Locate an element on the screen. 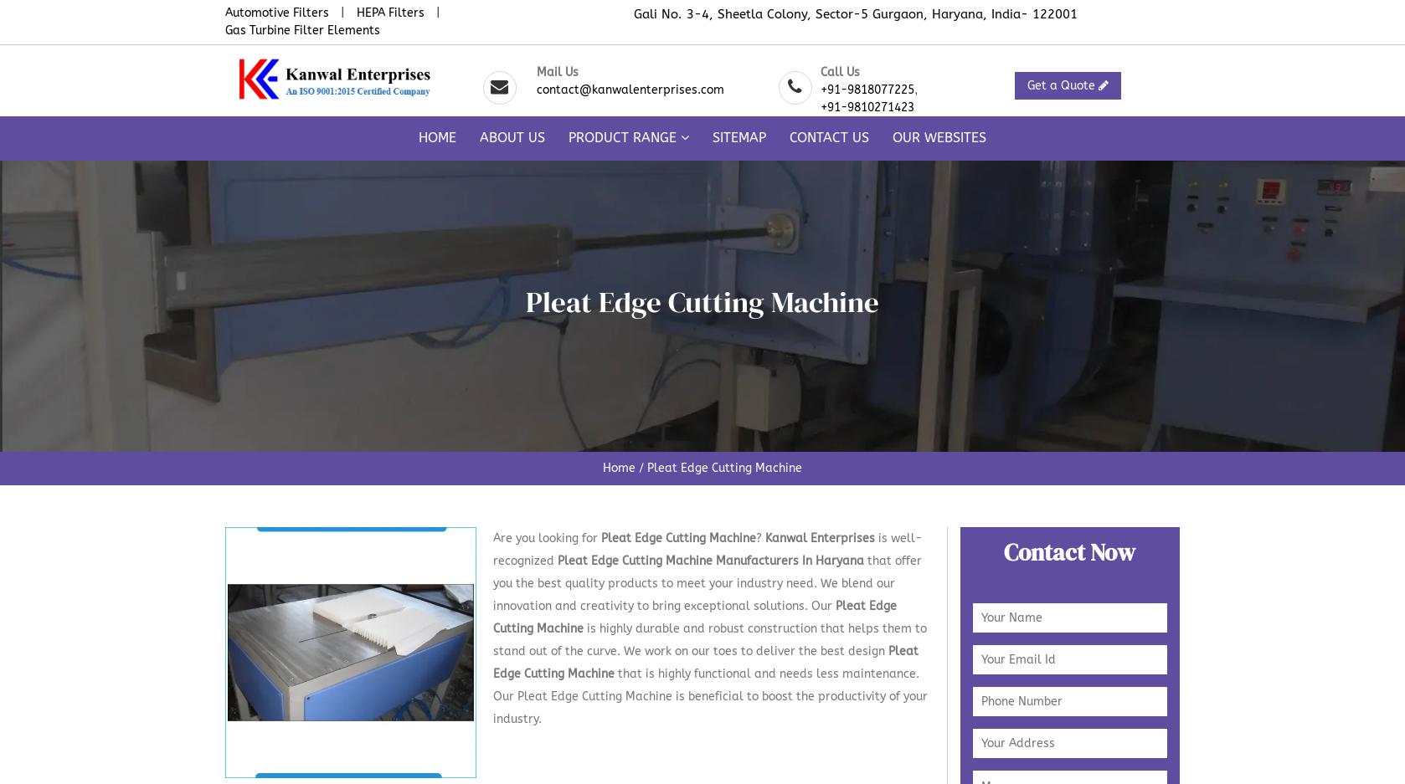 The width and height of the screenshot is (1405, 784). 'De-Coiler' is located at coordinates (864, 684).